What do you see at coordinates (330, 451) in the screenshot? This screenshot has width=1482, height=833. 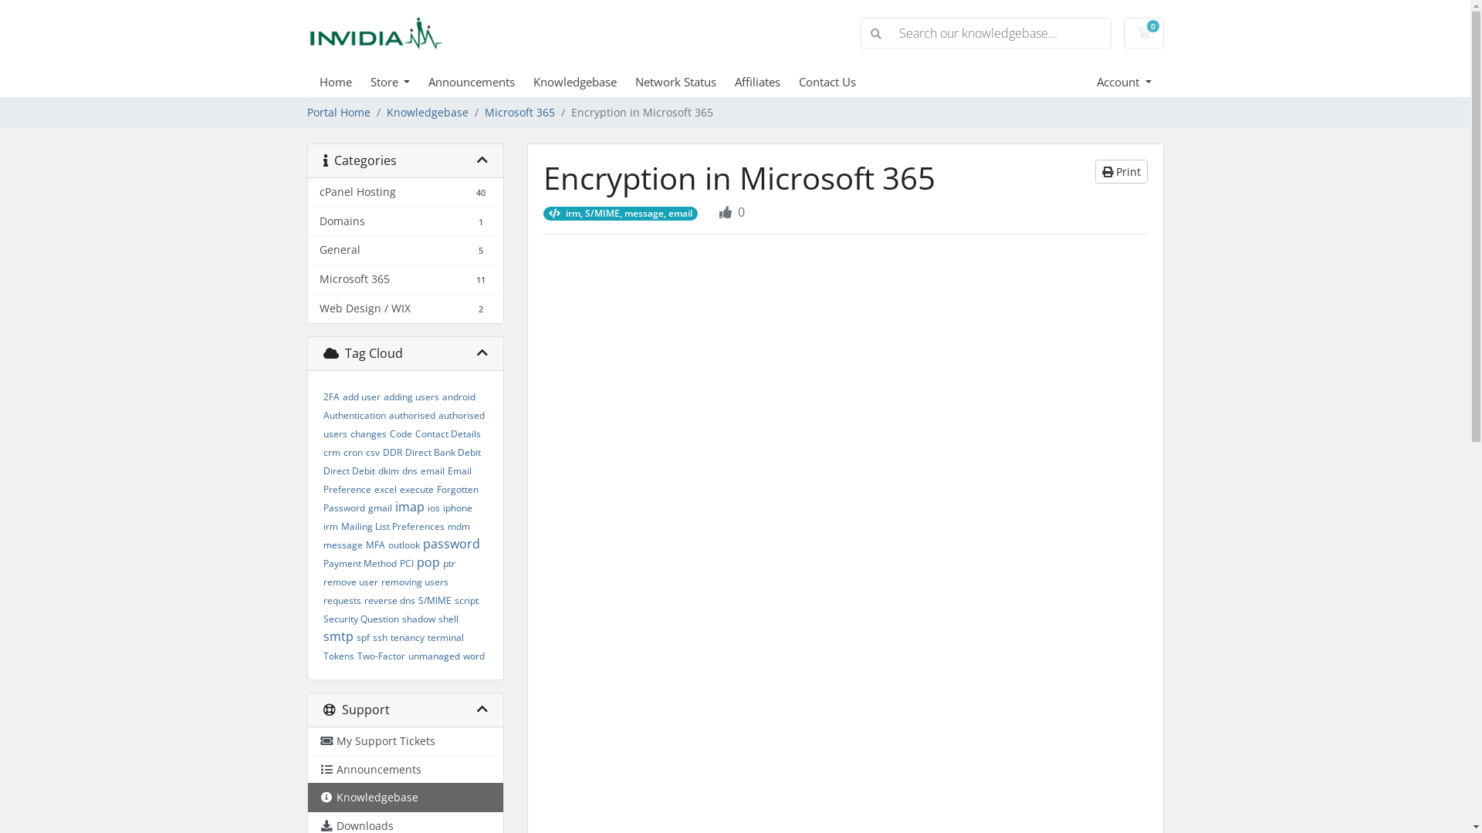 I see `'crm'` at bounding box center [330, 451].